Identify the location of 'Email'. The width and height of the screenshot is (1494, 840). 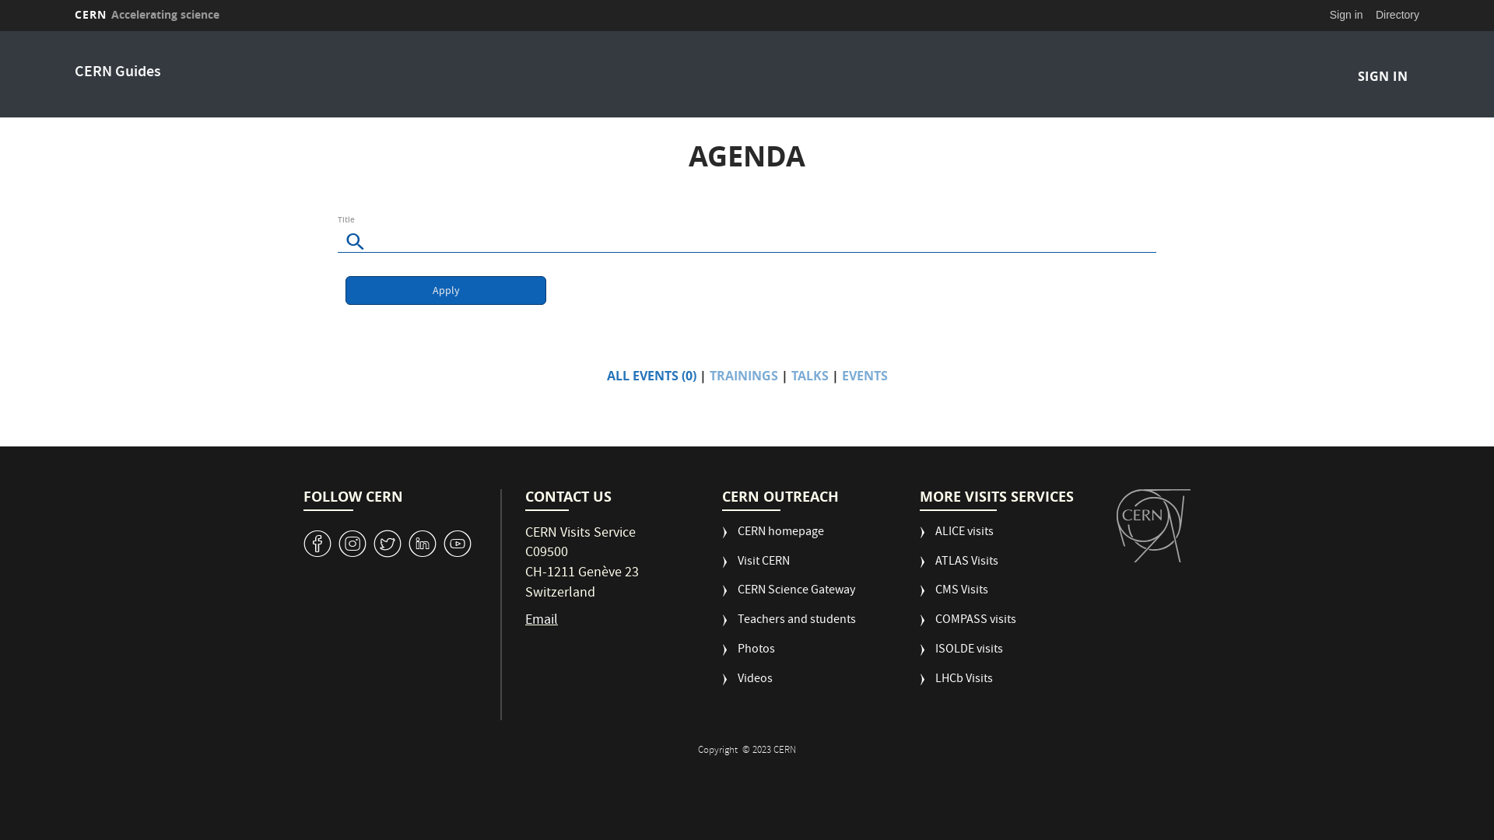
(525, 620).